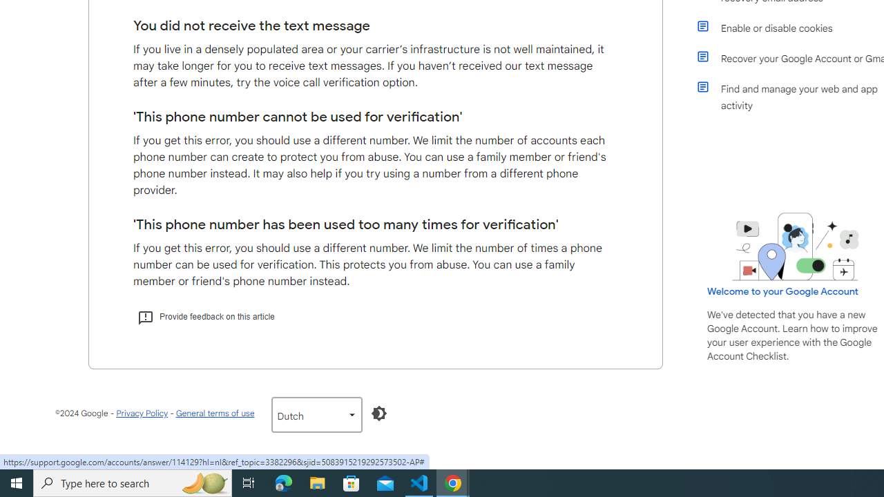 The height and width of the screenshot is (497, 884). Describe the element at coordinates (796, 246) in the screenshot. I see `'Learning Center home page image'` at that location.